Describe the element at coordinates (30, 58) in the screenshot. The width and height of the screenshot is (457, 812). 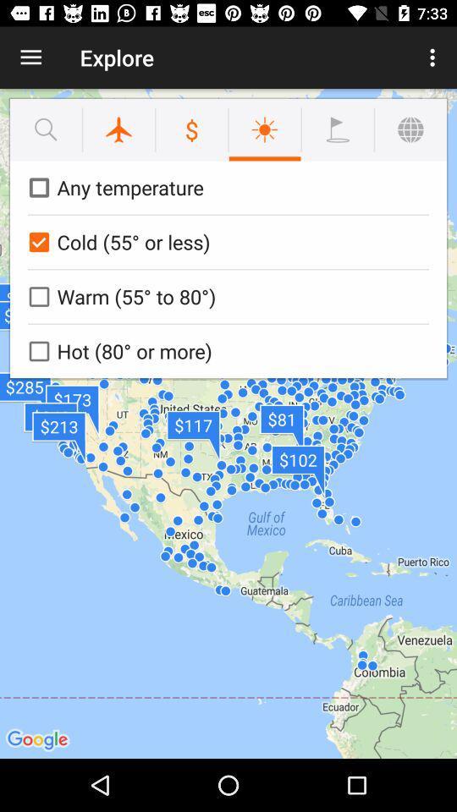
I see `the item to the left of the explore` at that location.